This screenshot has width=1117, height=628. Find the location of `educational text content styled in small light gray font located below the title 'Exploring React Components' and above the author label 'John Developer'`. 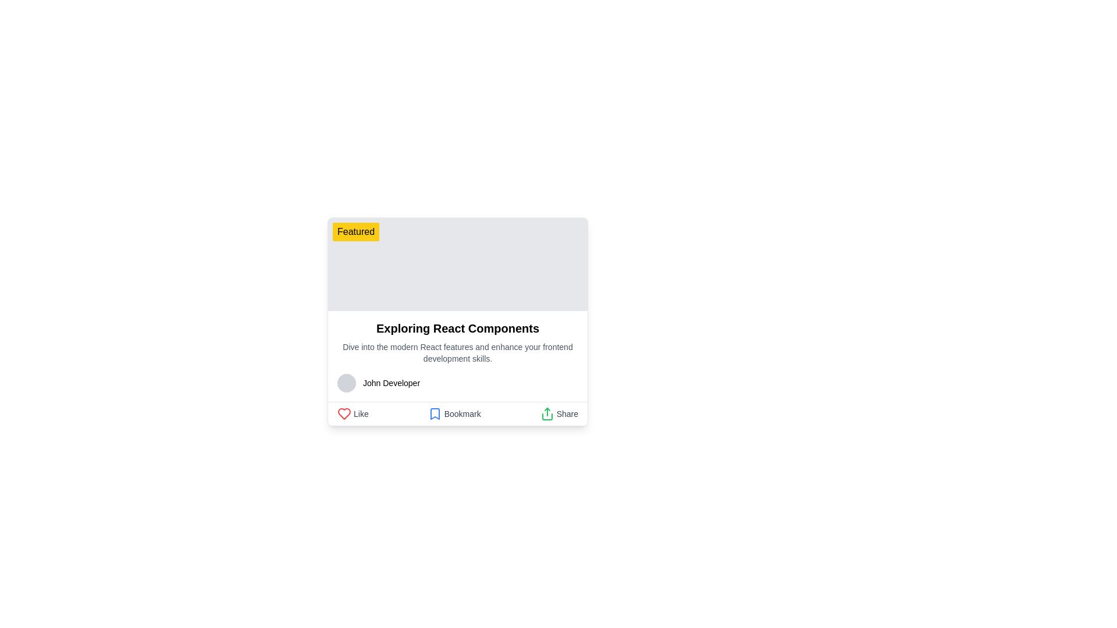

educational text content styled in small light gray font located below the title 'Exploring React Components' and above the author label 'John Developer' is located at coordinates (457, 352).